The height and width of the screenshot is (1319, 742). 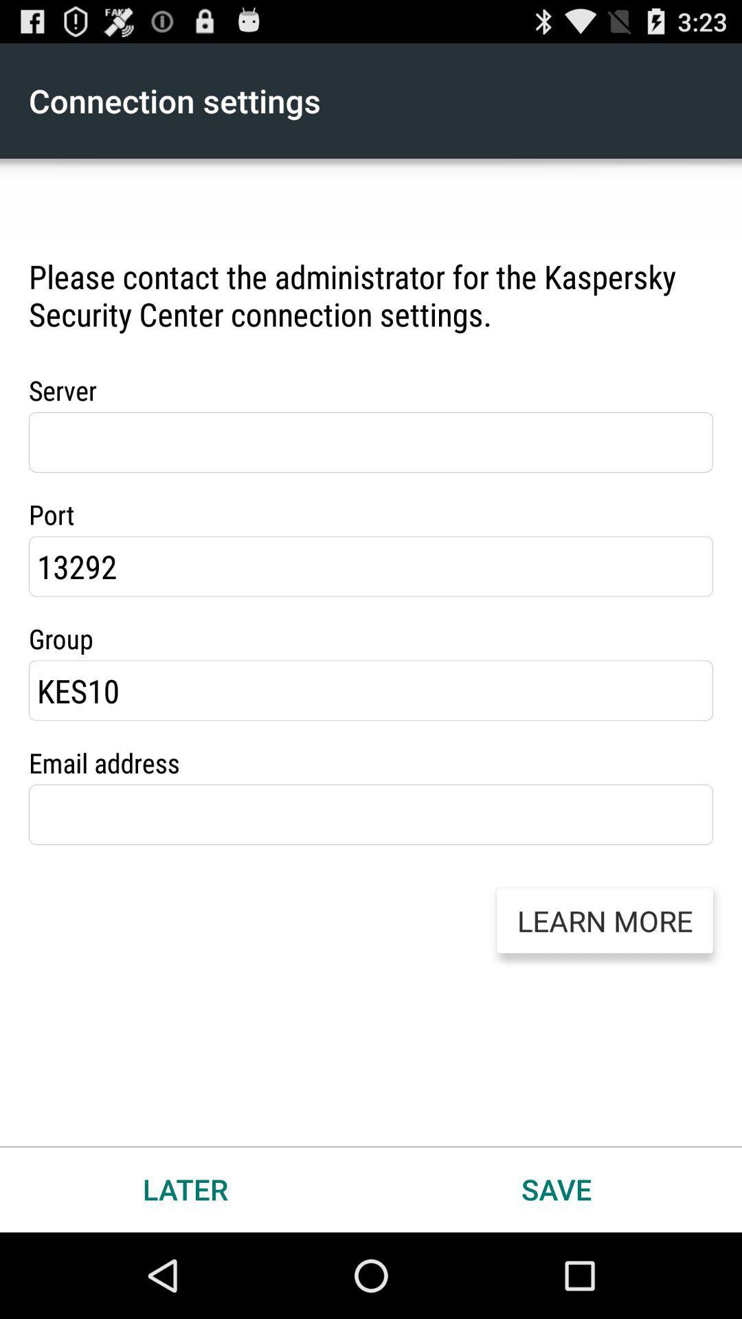 What do you see at coordinates (371, 442) in the screenshot?
I see `server address` at bounding box center [371, 442].